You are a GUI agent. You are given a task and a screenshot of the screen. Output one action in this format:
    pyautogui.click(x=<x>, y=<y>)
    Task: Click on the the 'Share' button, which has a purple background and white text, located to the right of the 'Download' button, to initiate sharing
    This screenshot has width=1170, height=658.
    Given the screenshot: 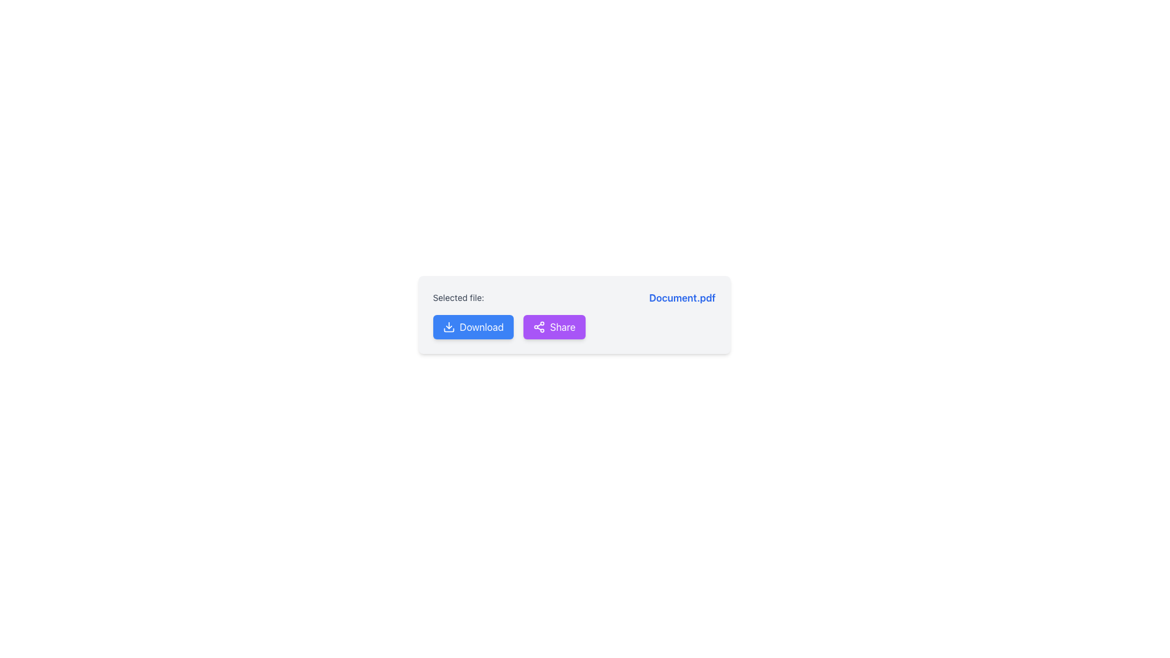 What is the action you would take?
    pyautogui.click(x=573, y=326)
    